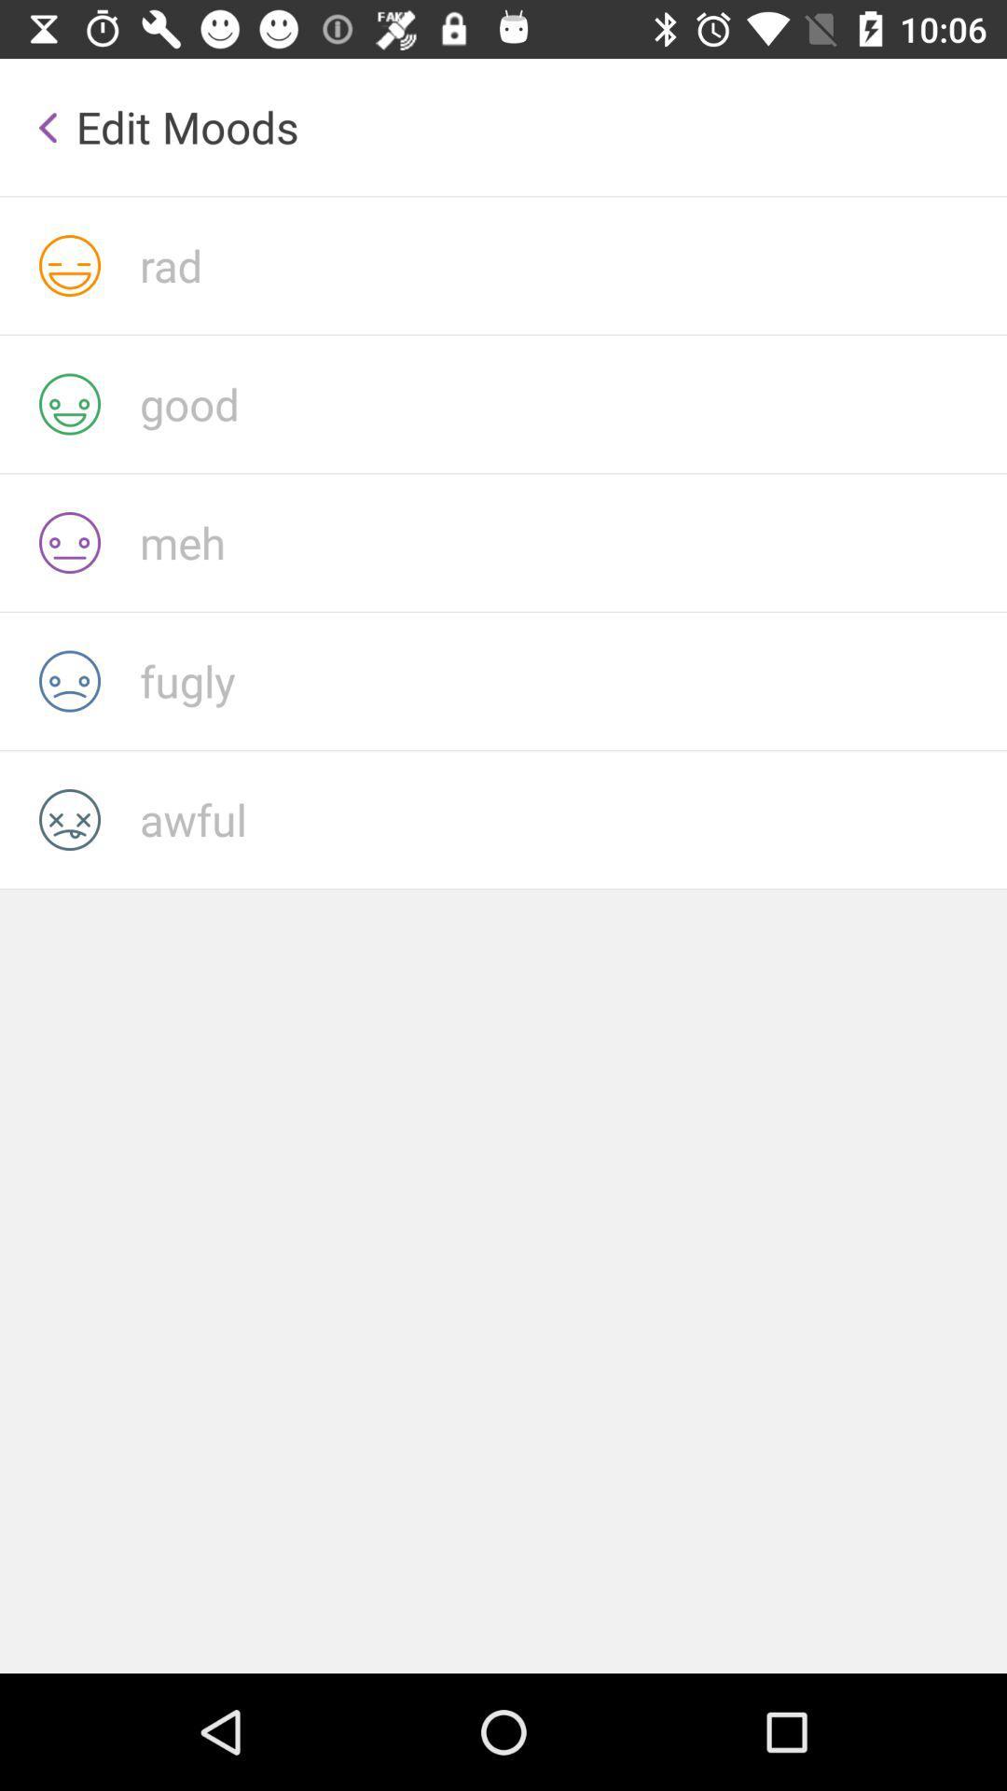 The image size is (1007, 1791). What do you see at coordinates (572, 680) in the screenshot?
I see `fugly mood among moods` at bounding box center [572, 680].